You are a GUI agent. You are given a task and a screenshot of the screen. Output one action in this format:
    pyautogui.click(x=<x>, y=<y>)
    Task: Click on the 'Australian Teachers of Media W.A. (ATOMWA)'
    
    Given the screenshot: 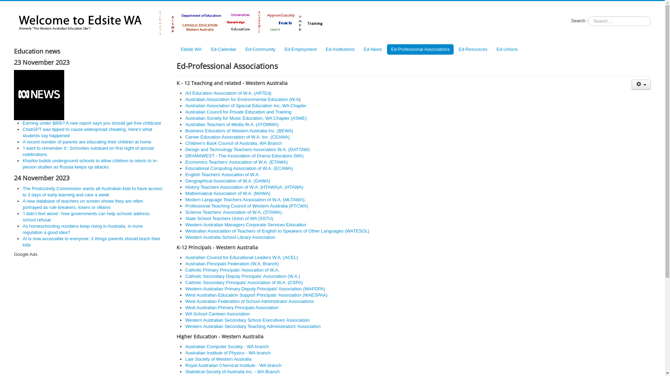 What is the action you would take?
    pyautogui.click(x=232, y=124)
    